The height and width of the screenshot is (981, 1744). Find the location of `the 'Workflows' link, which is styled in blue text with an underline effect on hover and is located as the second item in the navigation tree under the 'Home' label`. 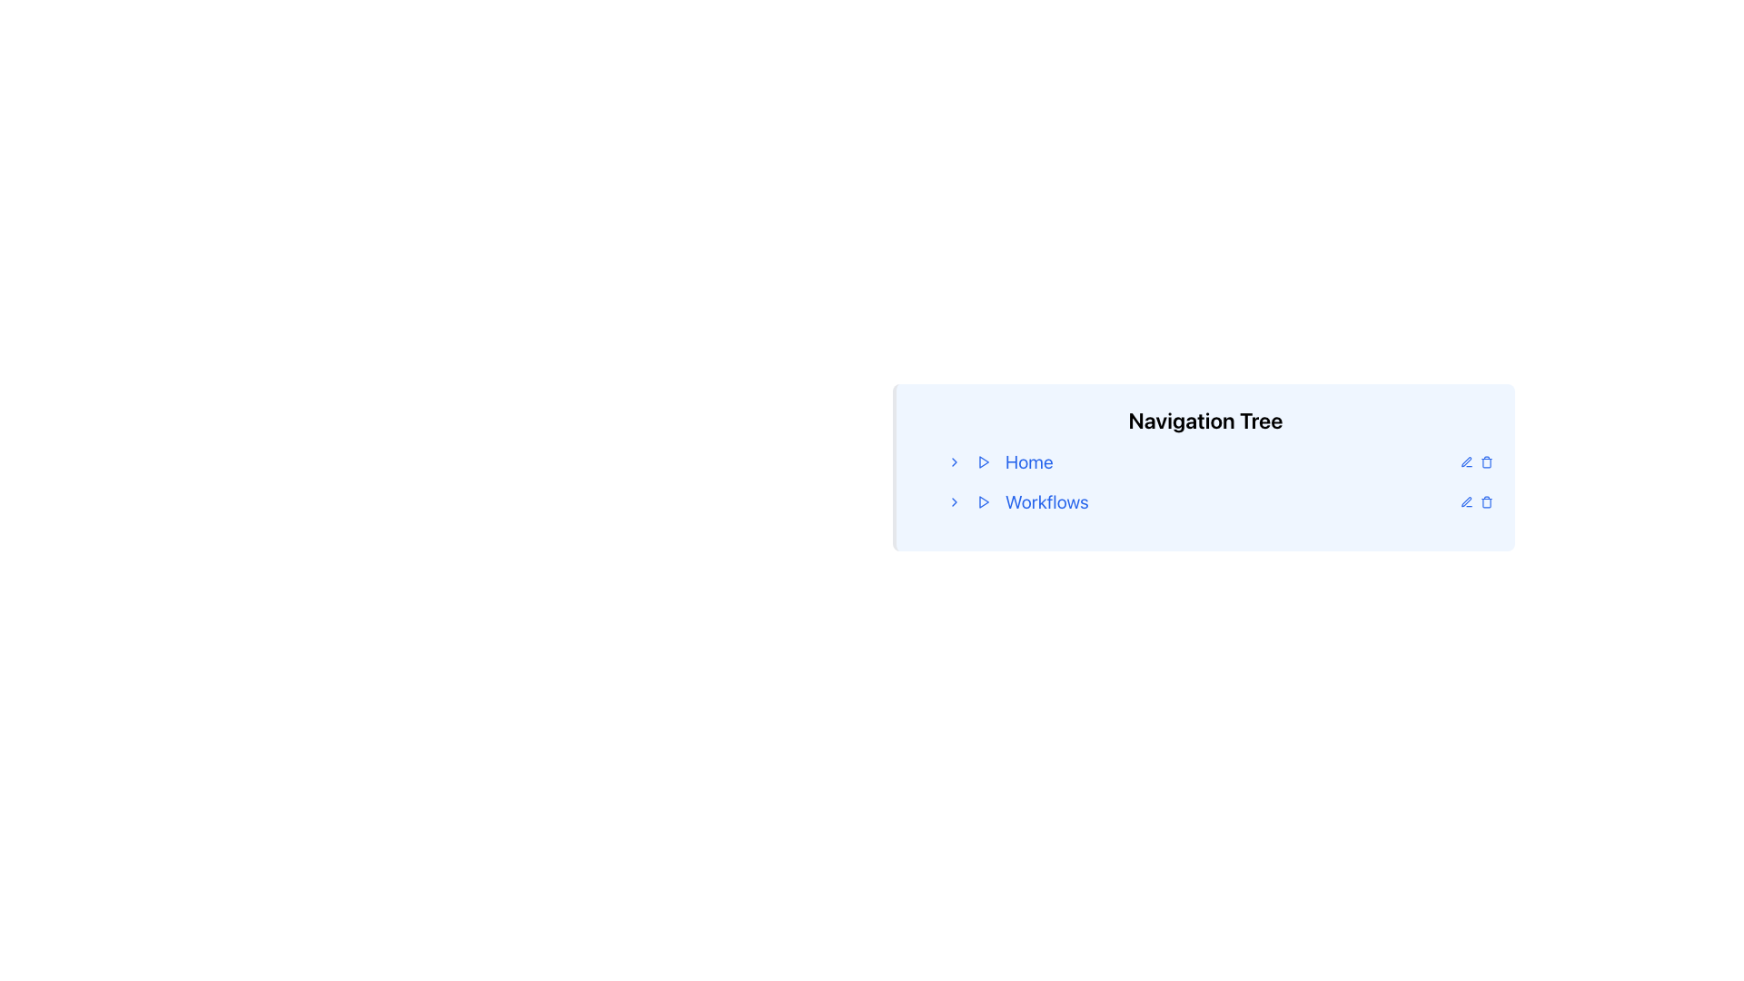

the 'Workflows' link, which is styled in blue text with an underline effect on hover and is located as the second item in the navigation tree under the 'Home' label is located at coordinates (1046, 501).